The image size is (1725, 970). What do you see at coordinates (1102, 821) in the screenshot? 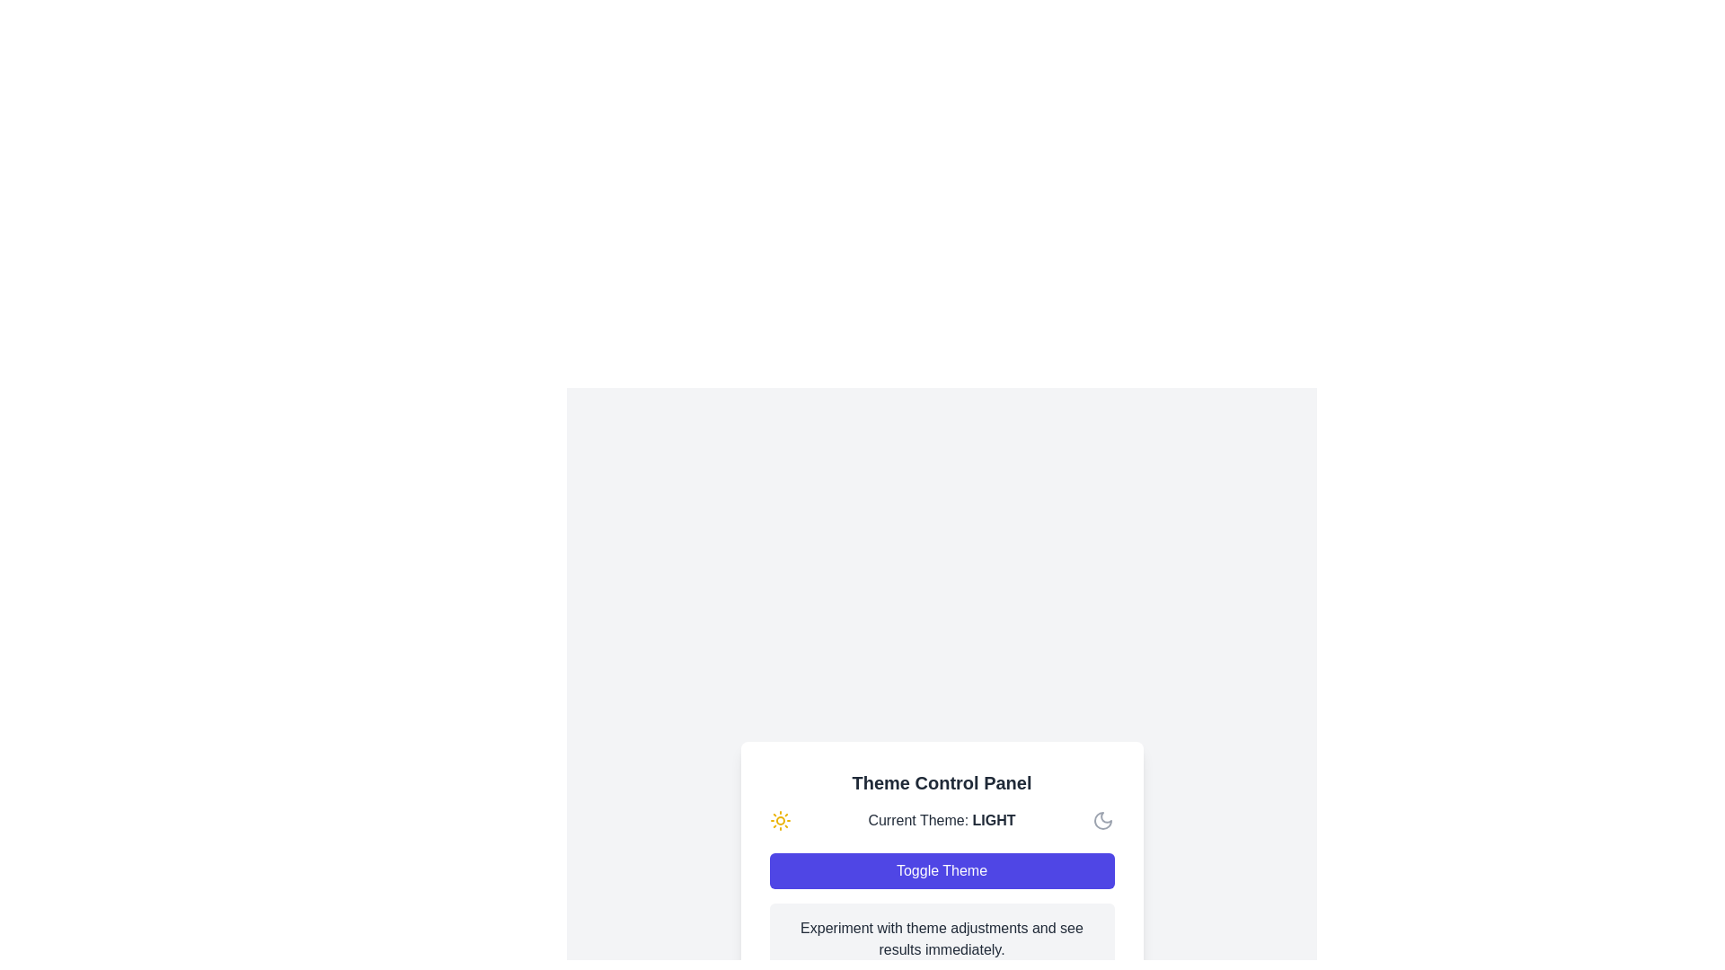
I see `the night mode icon located in the upper right corner of the 'Theme Control Panel' interface, next to 'Current Theme: LIGHT' and opposite a sun icon` at bounding box center [1102, 821].